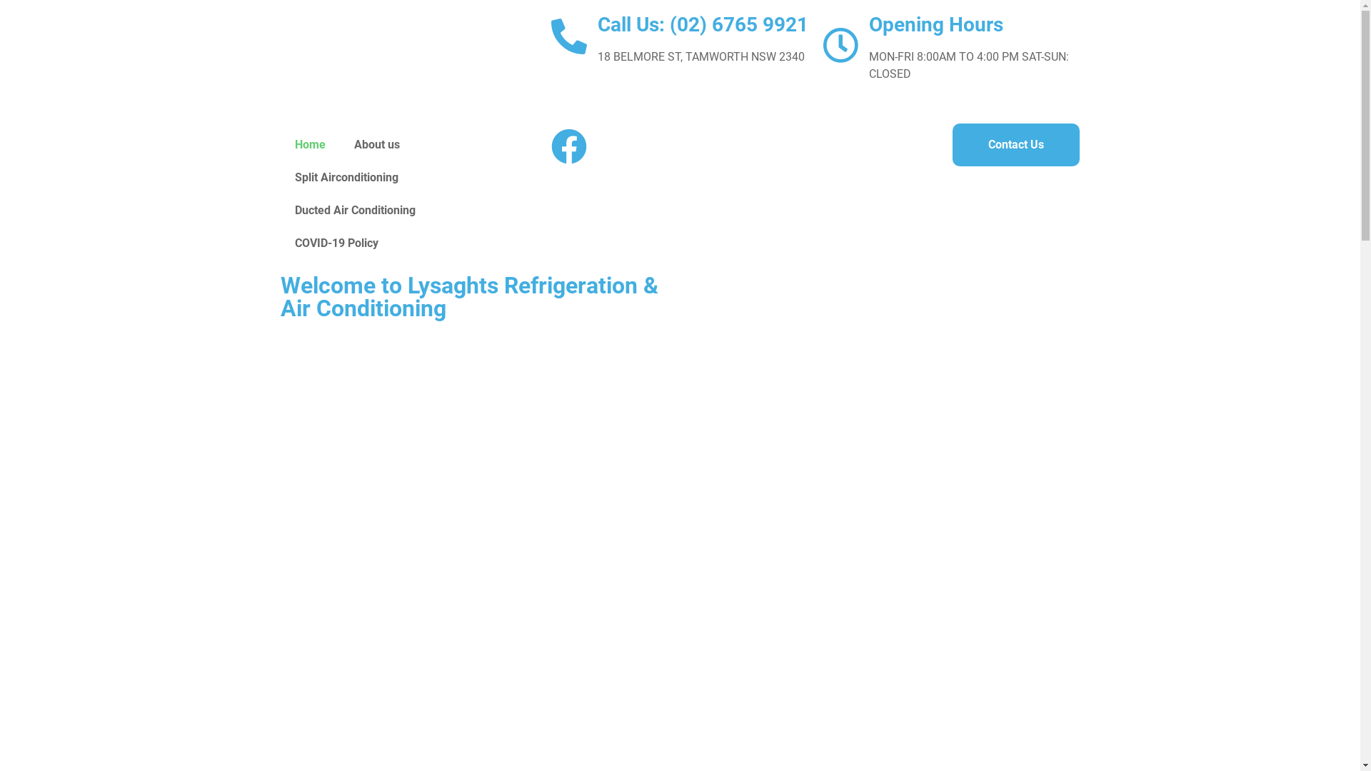  I want to click on 'About us', so click(377, 145).